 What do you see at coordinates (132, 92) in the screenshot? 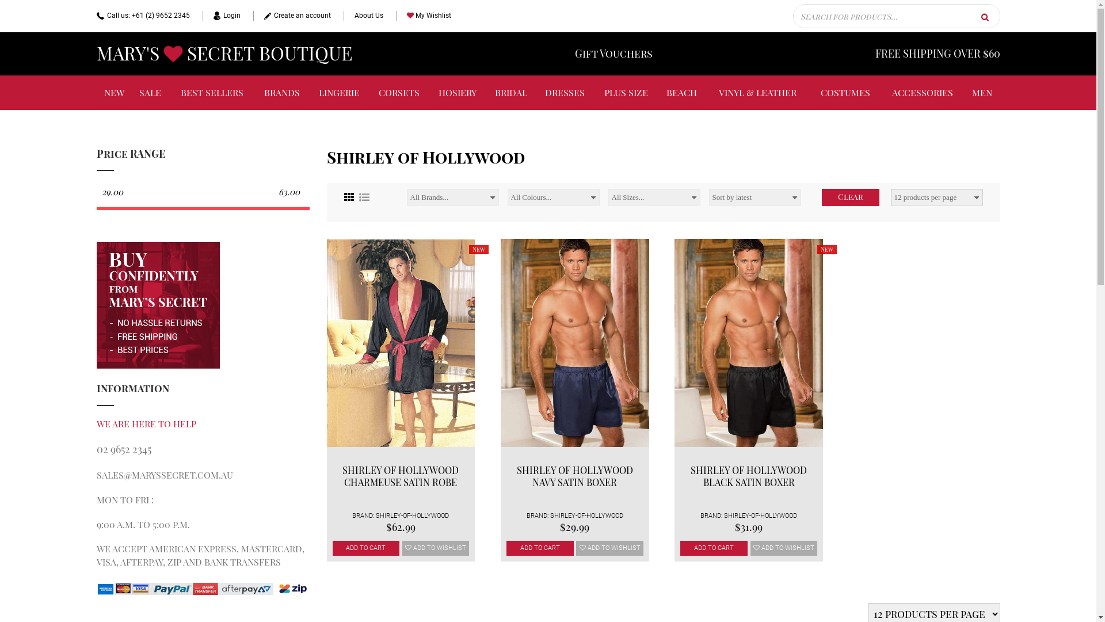
I see `'SALE'` at bounding box center [132, 92].